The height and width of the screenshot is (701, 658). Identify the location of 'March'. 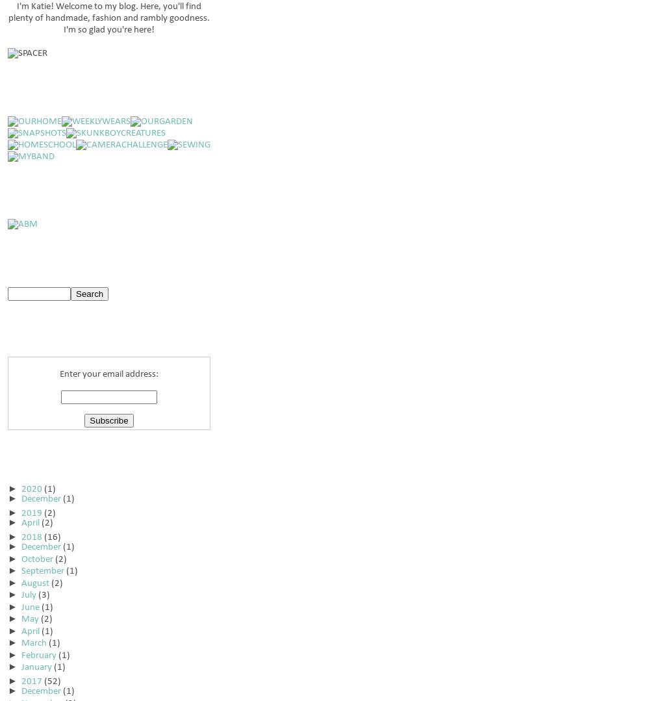
(33, 643).